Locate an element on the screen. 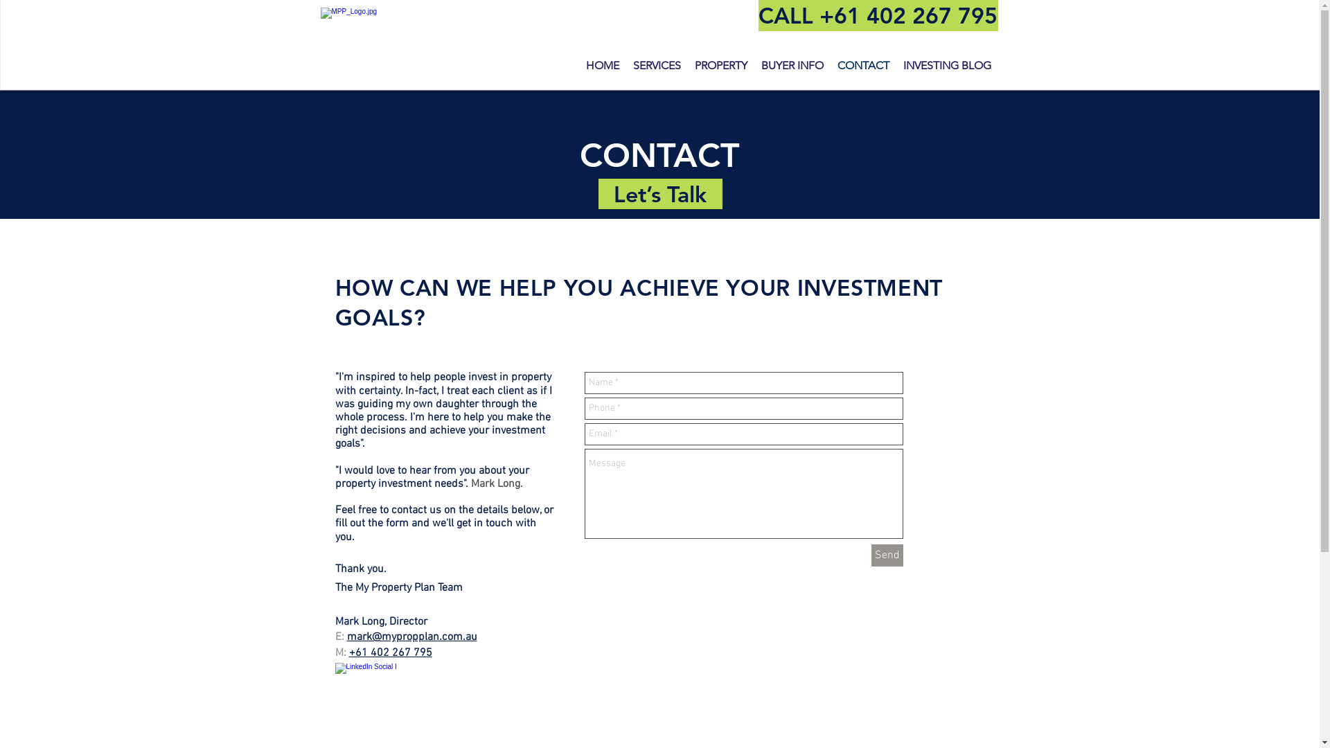  'SERVICES' is located at coordinates (656, 66).